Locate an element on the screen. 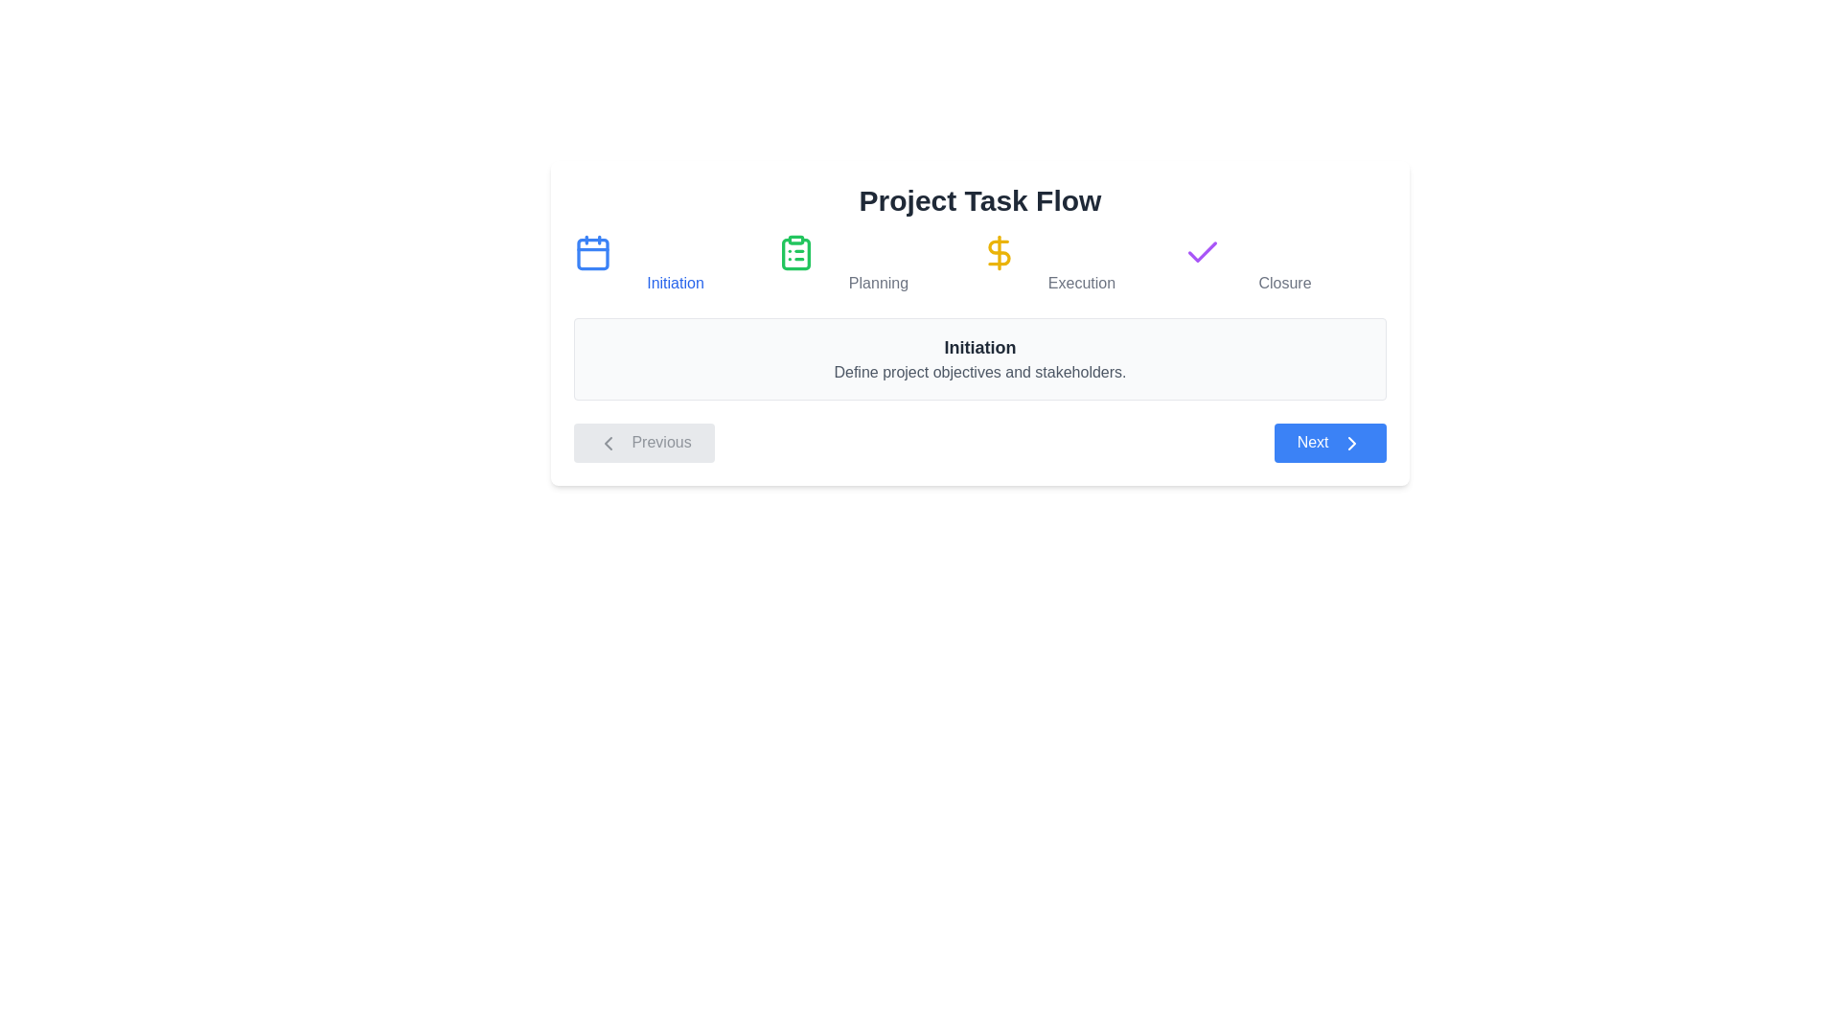 The image size is (1840, 1035). the 'Closure' text label that is displayed in gray color, located on the rightmost side of the project phases row, directly to the right of the 'Execution' label is located at coordinates (1284, 284).